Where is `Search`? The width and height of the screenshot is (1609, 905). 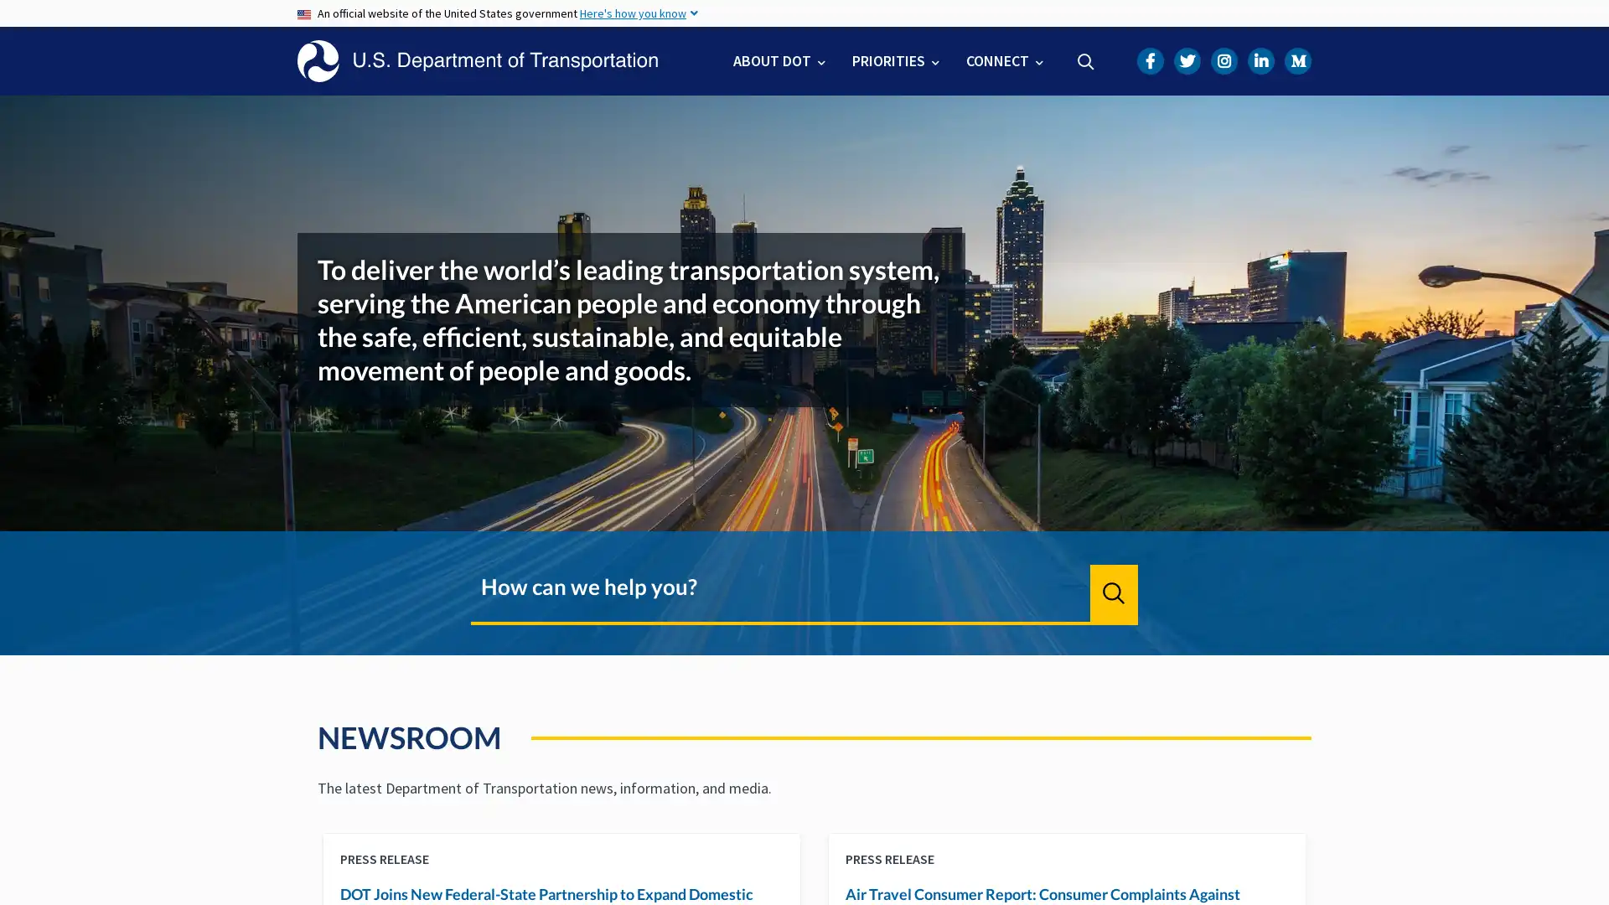 Search is located at coordinates (1086, 60).